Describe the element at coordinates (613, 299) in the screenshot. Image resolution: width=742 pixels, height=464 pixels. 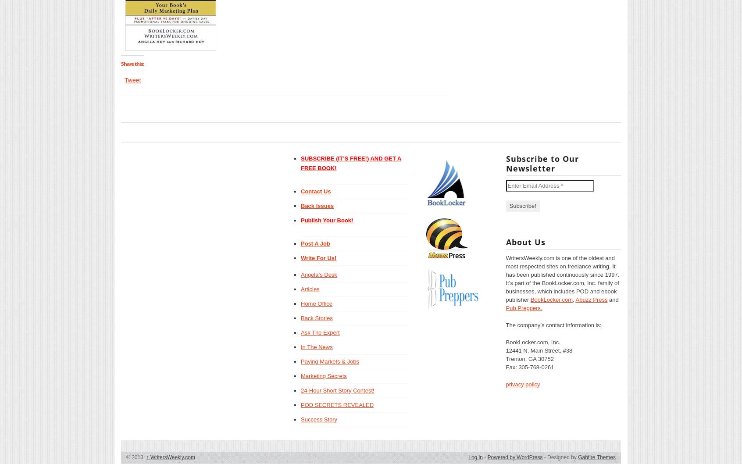
I see `'and'` at that location.